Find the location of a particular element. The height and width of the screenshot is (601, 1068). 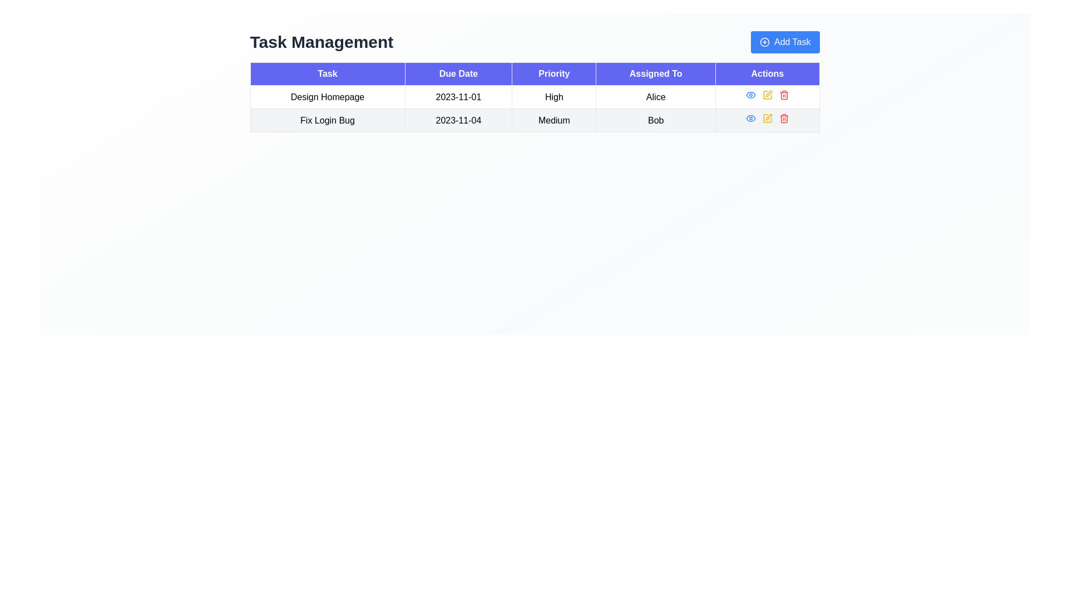

the icon-based button is located at coordinates (750, 94).